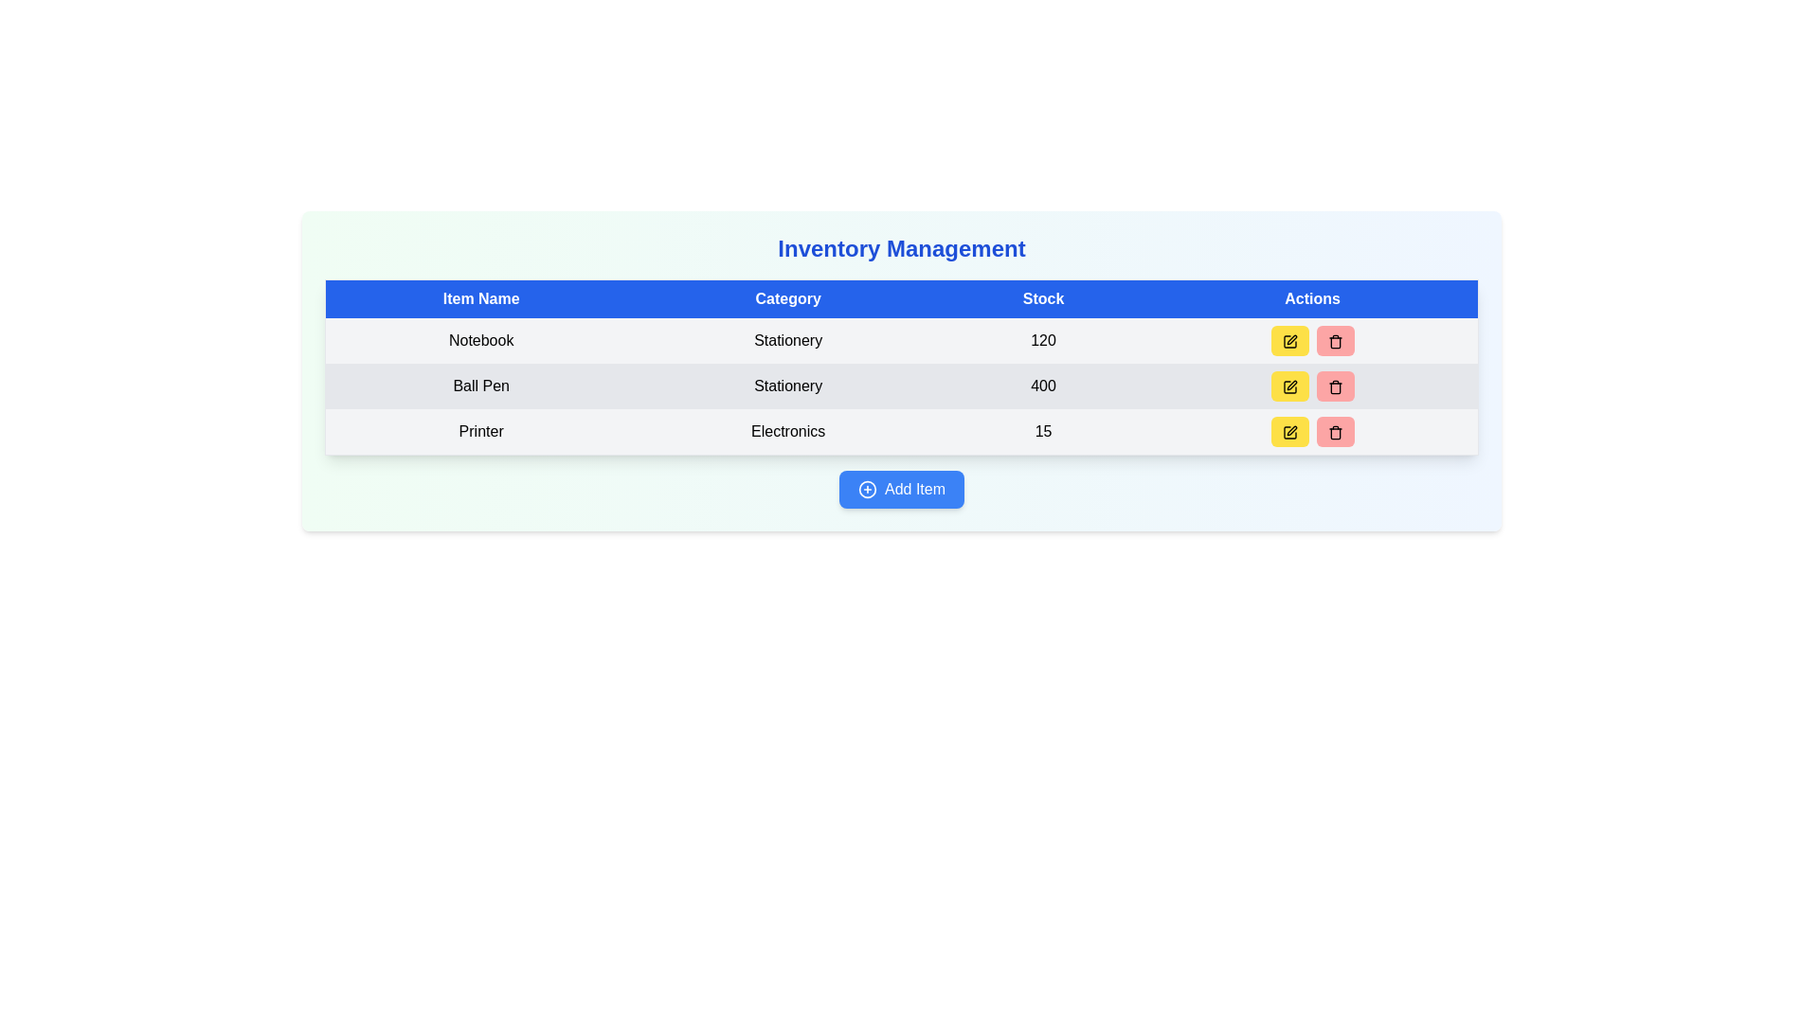 This screenshot has width=1819, height=1023. What do you see at coordinates (1290, 384) in the screenshot?
I see `the edit icon, which is a small pen or pencil inside a yellow square button located in the third row under the 'Actions' column` at bounding box center [1290, 384].